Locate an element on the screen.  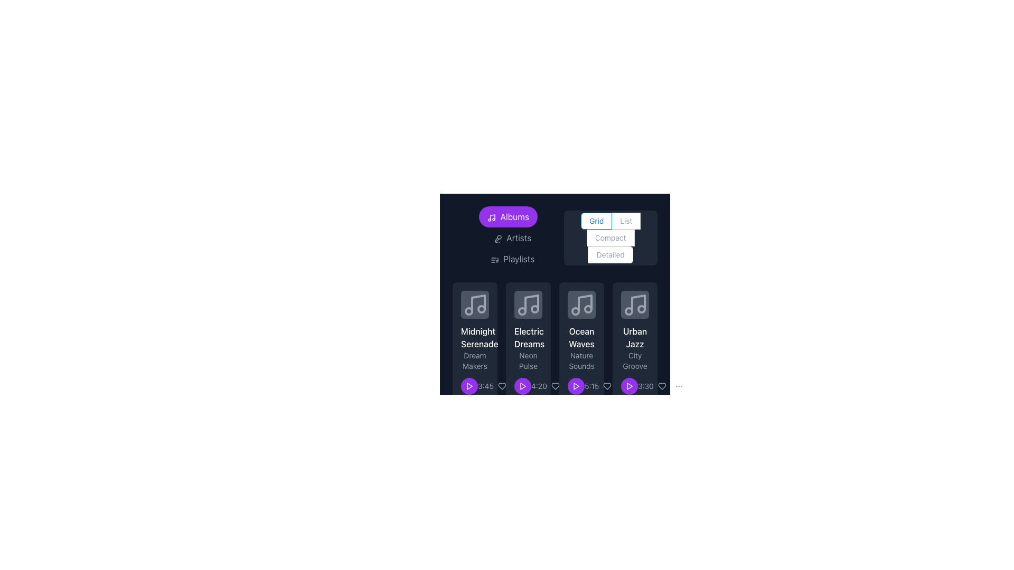
the 'Playlists' button located in the bottom-right corner of the group of buttons, which includes 'Albums' and 'Artists' is located at coordinates (512, 259).